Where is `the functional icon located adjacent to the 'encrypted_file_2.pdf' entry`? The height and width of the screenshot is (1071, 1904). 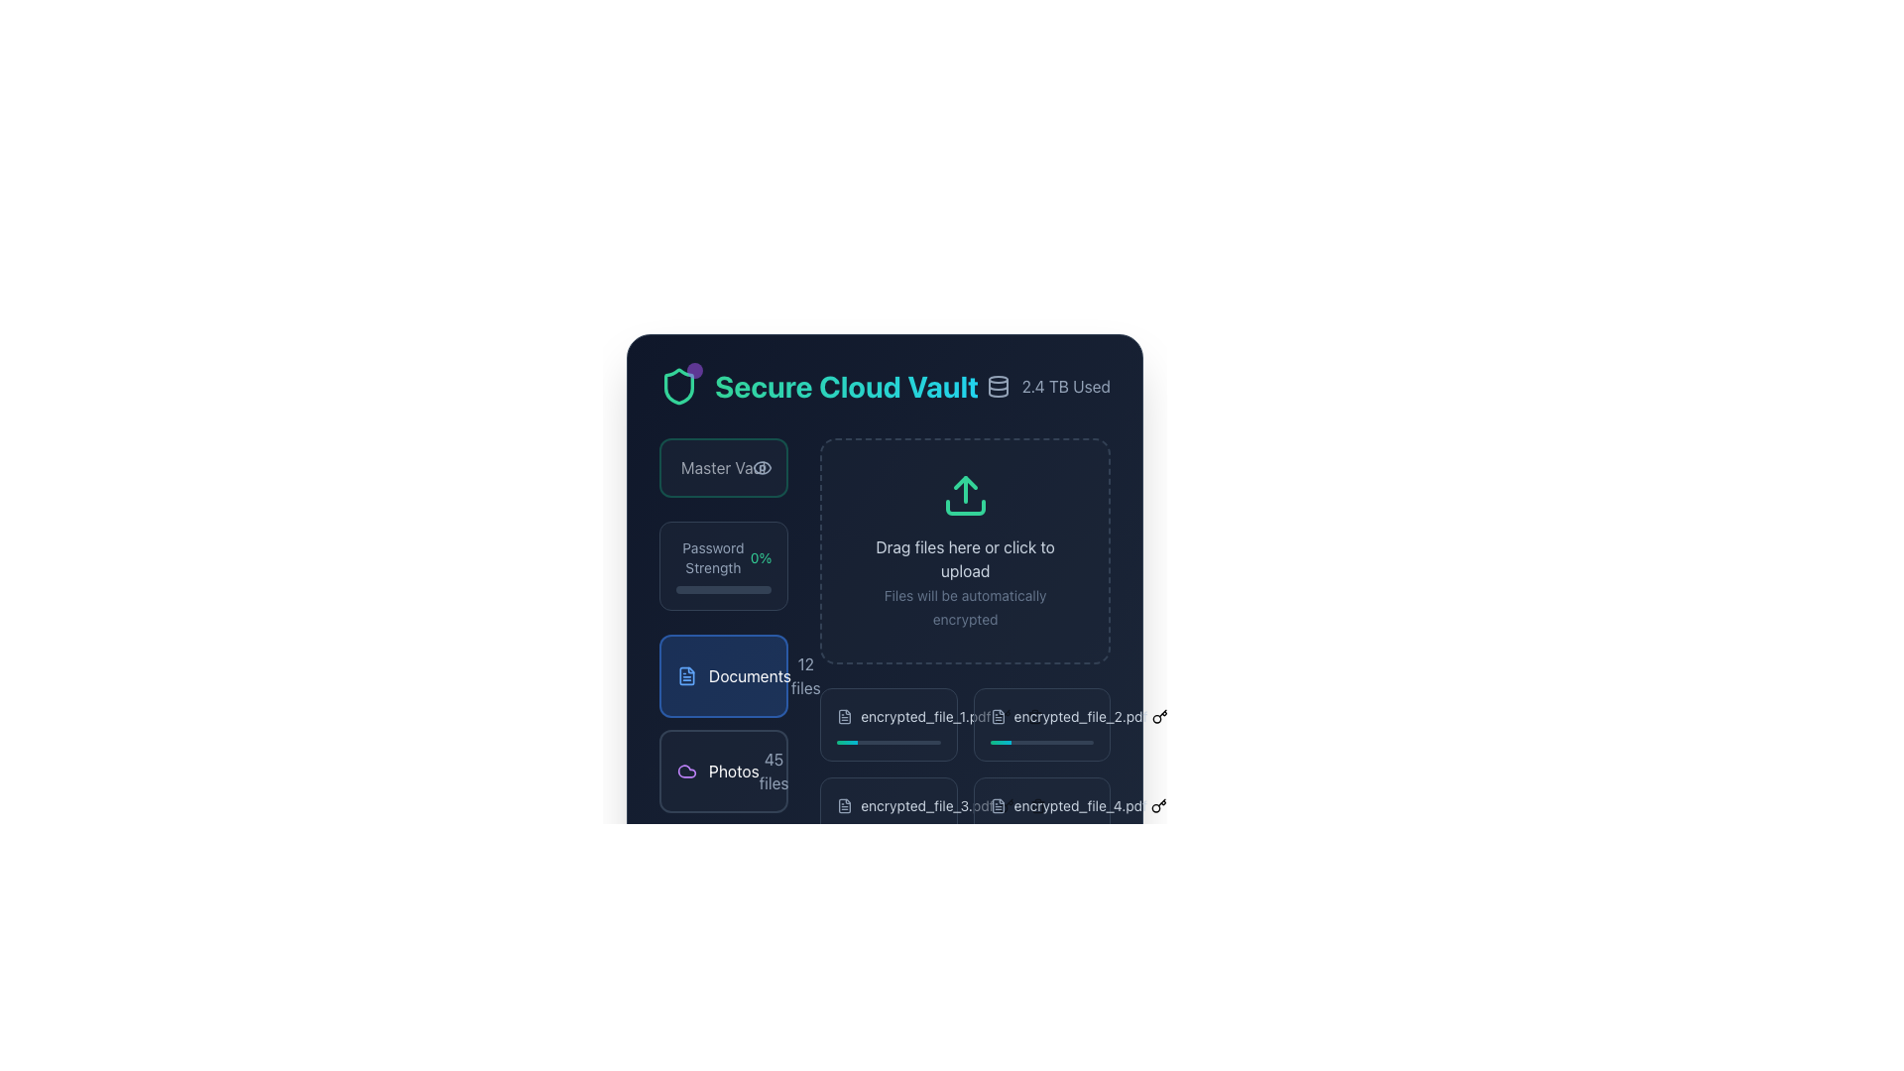
the functional icon located adjacent to the 'encrypted_file_2.pdf' entry is located at coordinates (1159, 716).